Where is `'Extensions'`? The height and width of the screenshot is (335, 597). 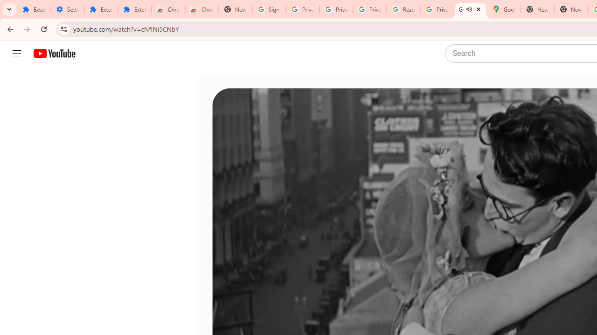 'Extensions' is located at coordinates (134, 9).